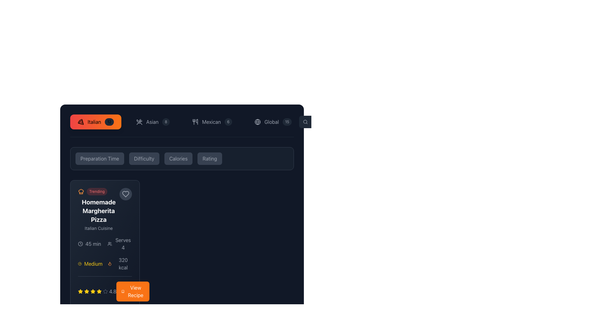 The width and height of the screenshot is (599, 336). I want to click on the icon located to the left of the 'View Recipe' button, which signifies the action of viewing the recipe or related details, so click(123, 292).